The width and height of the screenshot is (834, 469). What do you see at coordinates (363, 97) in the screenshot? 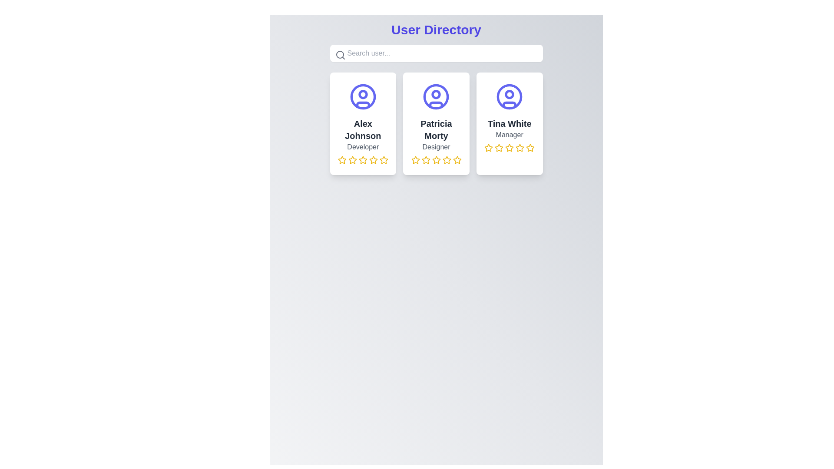
I see `the user profile icon, which is a circular purple frame with a human silhouette, located at the top of the first user card above the text 'Alex Johnson' and 'Developer'` at bounding box center [363, 97].